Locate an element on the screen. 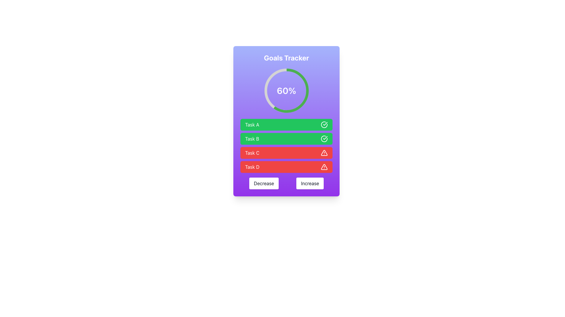 This screenshot has height=317, width=565. the list item labeled 'Task D' with a red background and a white alert icon, positioned as the fourth item in the 'Goals Tracker' panel is located at coordinates (286, 167).